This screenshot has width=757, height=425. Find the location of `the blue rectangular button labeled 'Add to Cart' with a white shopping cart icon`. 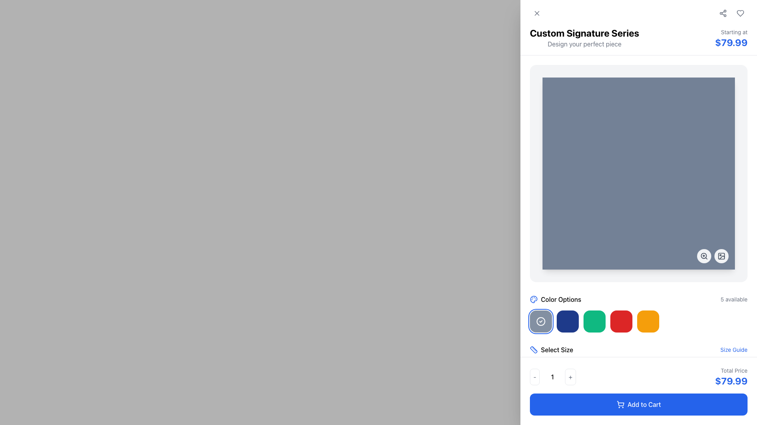

the blue rectangular button labeled 'Add to Cart' with a white shopping cart icon is located at coordinates (639, 405).